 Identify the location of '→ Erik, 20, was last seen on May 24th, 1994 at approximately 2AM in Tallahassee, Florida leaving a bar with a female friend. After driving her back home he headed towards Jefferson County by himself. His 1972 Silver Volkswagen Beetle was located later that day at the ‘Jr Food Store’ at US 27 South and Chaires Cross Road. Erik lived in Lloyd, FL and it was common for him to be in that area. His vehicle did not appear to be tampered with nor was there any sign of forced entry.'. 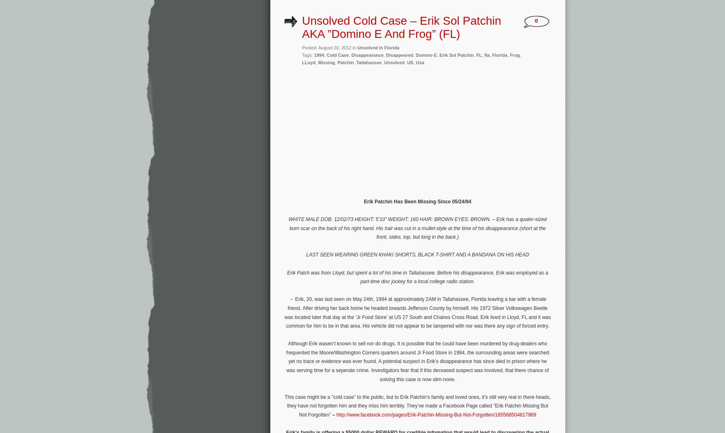
(417, 312).